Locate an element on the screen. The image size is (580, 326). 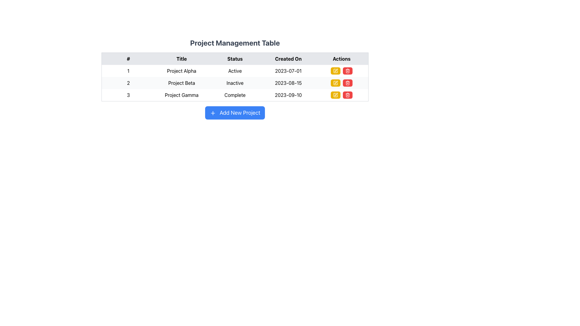
the edit icon located in the 'Actions' column of the third row of the table is located at coordinates (336, 94).